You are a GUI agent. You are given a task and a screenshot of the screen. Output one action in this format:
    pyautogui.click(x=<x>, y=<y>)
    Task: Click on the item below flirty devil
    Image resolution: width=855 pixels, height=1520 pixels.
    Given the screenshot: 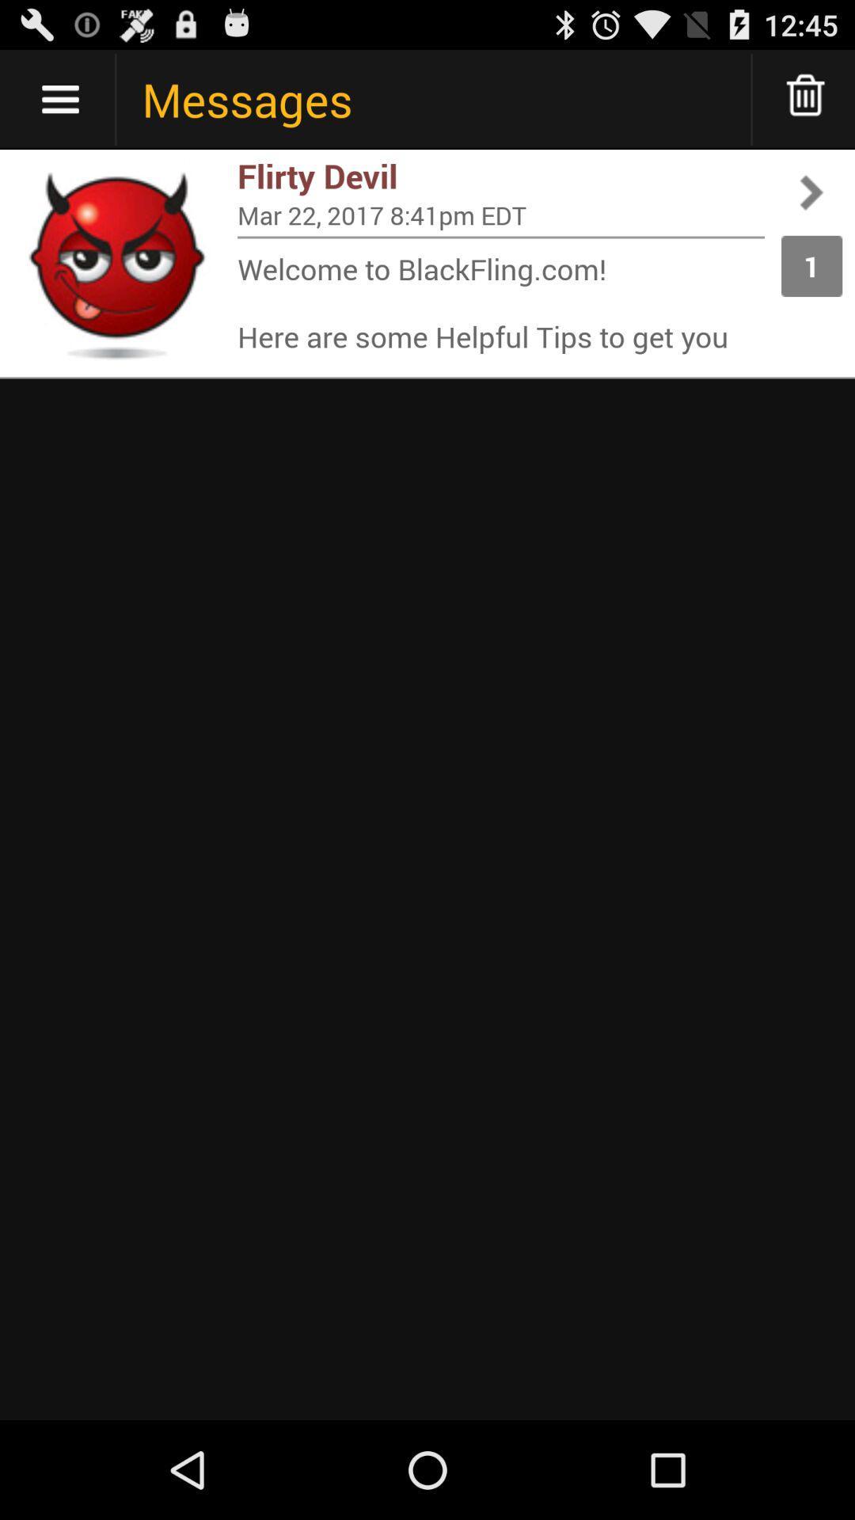 What is the action you would take?
    pyautogui.click(x=500, y=214)
    